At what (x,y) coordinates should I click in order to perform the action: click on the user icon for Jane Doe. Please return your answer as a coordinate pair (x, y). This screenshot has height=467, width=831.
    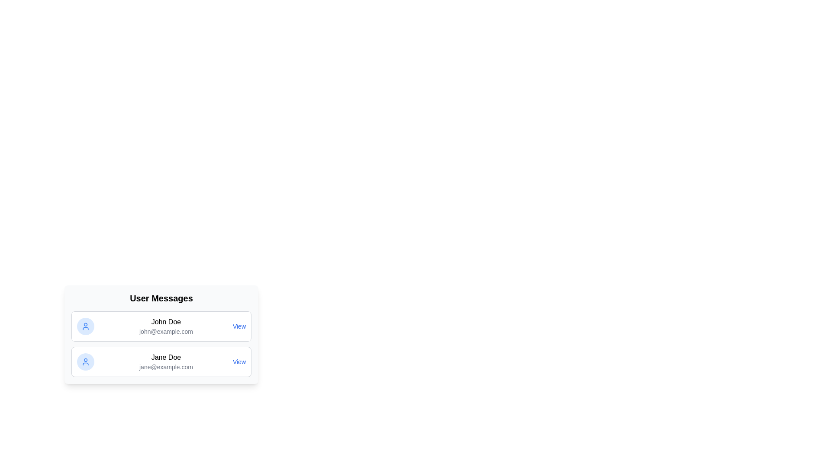
    Looking at the image, I should click on (85, 362).